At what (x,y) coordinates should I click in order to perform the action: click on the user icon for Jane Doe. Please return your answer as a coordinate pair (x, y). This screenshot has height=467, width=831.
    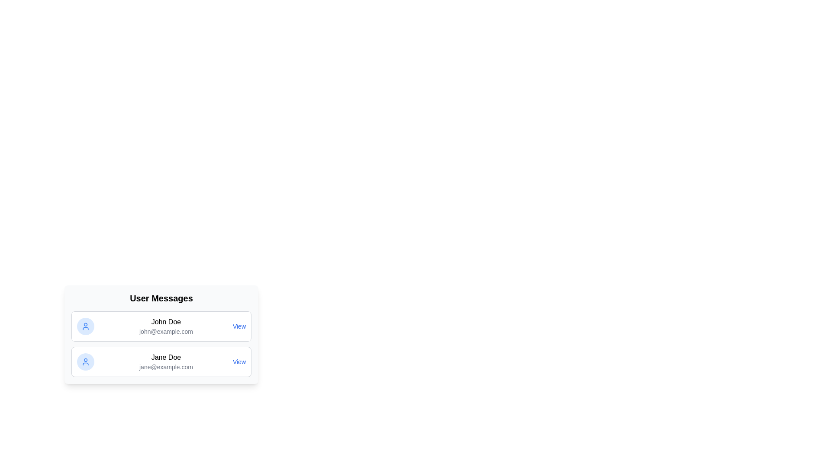
    Looking at the image, I should click on (85, 362).